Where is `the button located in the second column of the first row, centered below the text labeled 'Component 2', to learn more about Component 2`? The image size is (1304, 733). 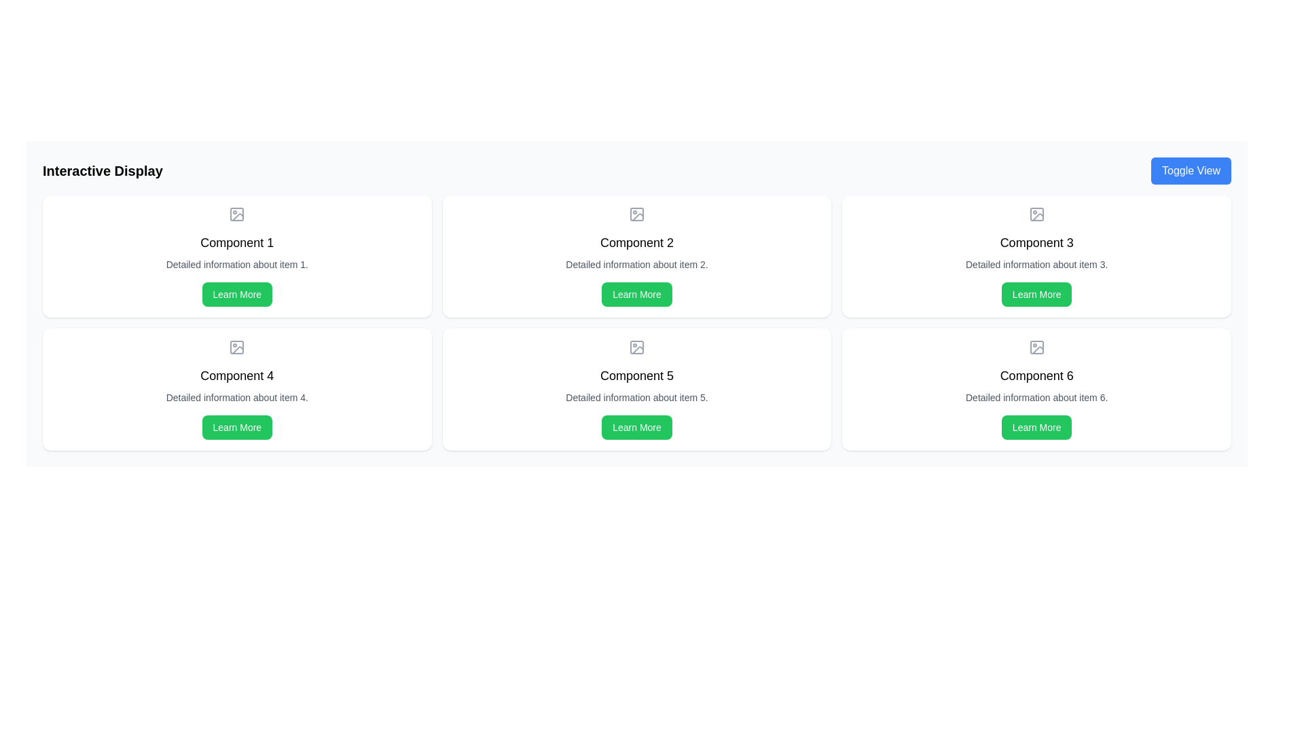 the button located in the second column of the first row, centered below the text labeled 'Component 2', to learn more about Component 2 is located at coordinates (636, 294).